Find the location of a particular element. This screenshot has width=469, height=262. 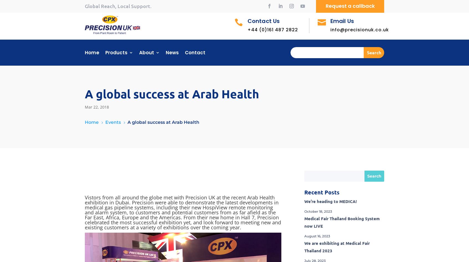

'Bedheads & Flowmeters' is located at coordinates (137, 182).